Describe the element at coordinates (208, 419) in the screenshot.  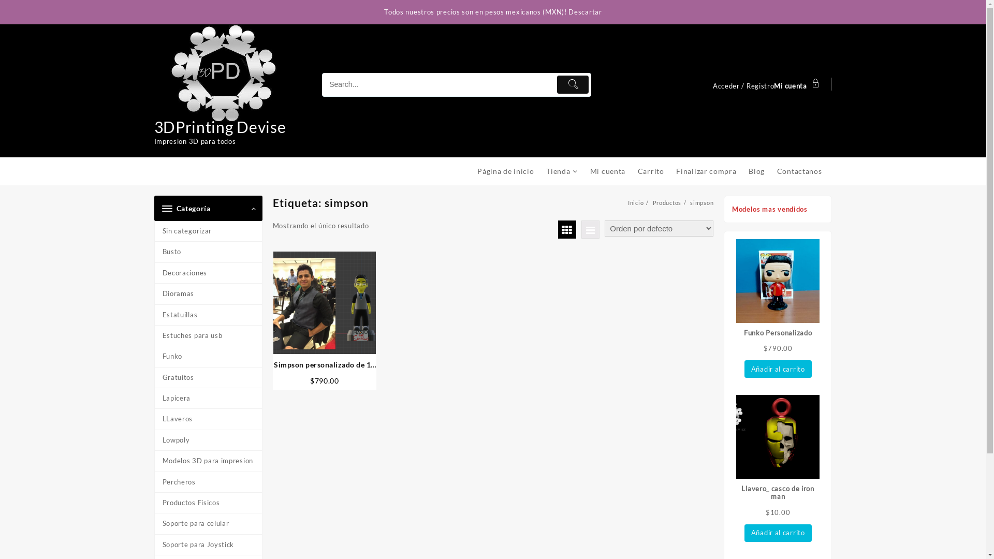
I see `'LLaveros'` at that location.